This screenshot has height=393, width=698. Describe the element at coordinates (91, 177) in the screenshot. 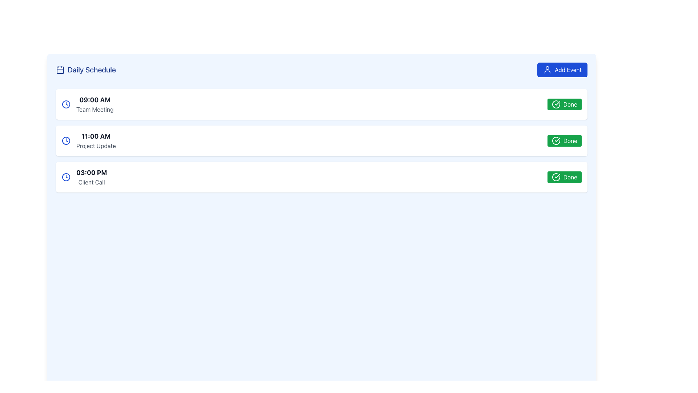

I see `the event entry displaying 'Client Call' scheduled for 03:00 PM, which is the third item in the list of events` at that location.